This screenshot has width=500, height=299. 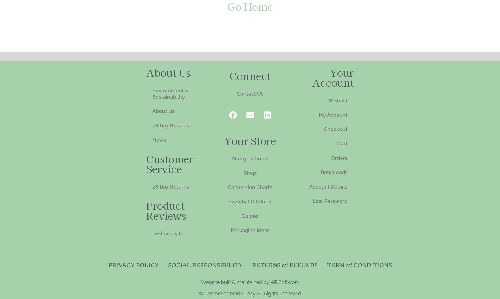 What do you see at coordinates (169, 163) in the screenshot?
I see `'Customer Service'` at bounding box center [169, 163].